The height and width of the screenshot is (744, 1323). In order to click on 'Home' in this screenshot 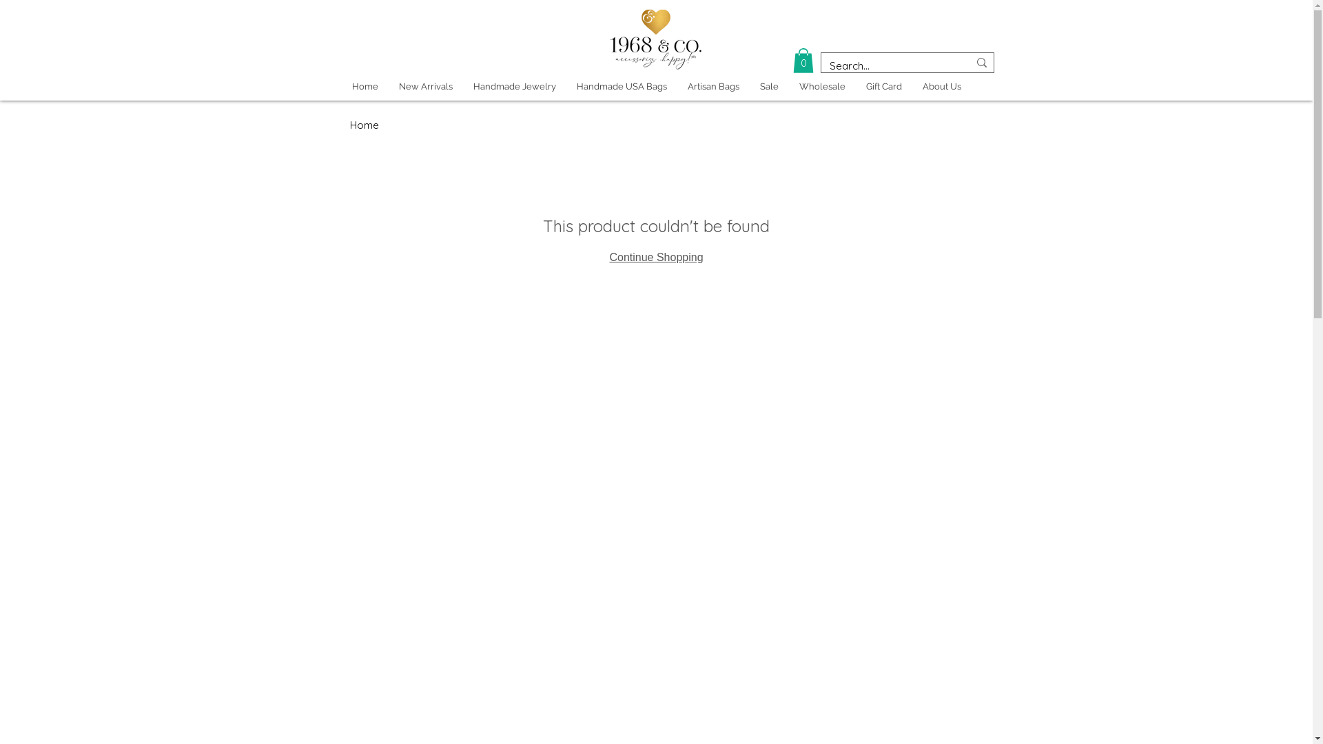, I will do `click(364, 125)`.